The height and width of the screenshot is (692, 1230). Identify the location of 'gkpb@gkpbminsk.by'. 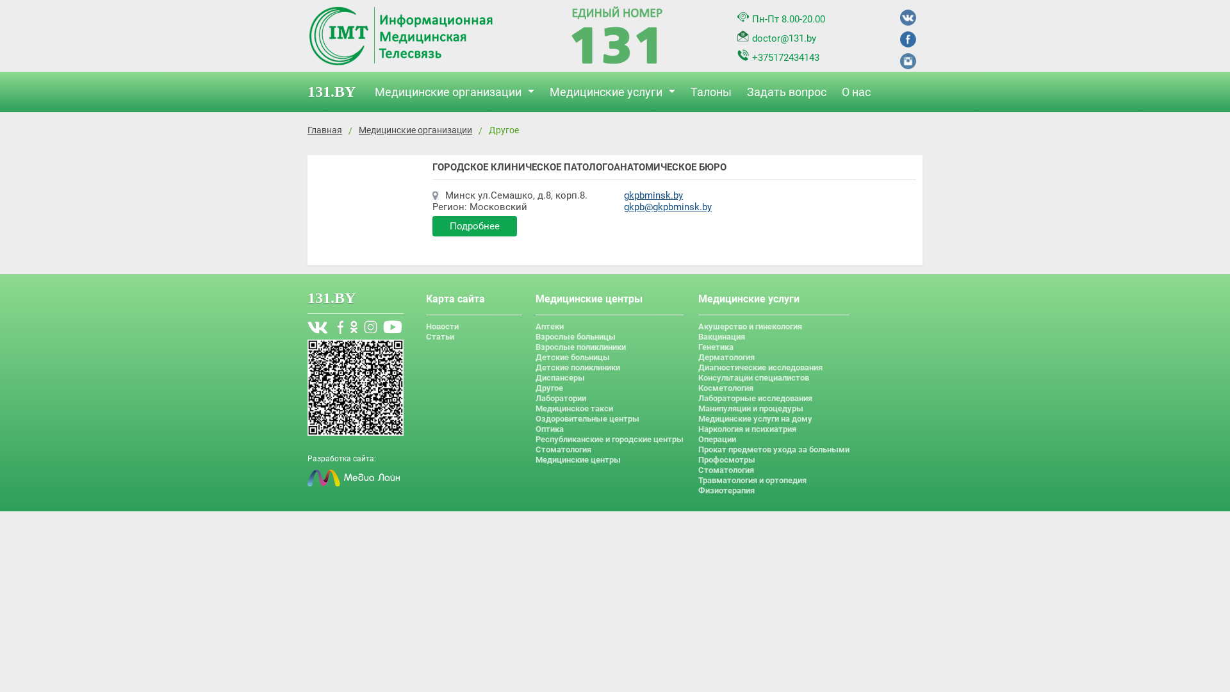
(667, 206).